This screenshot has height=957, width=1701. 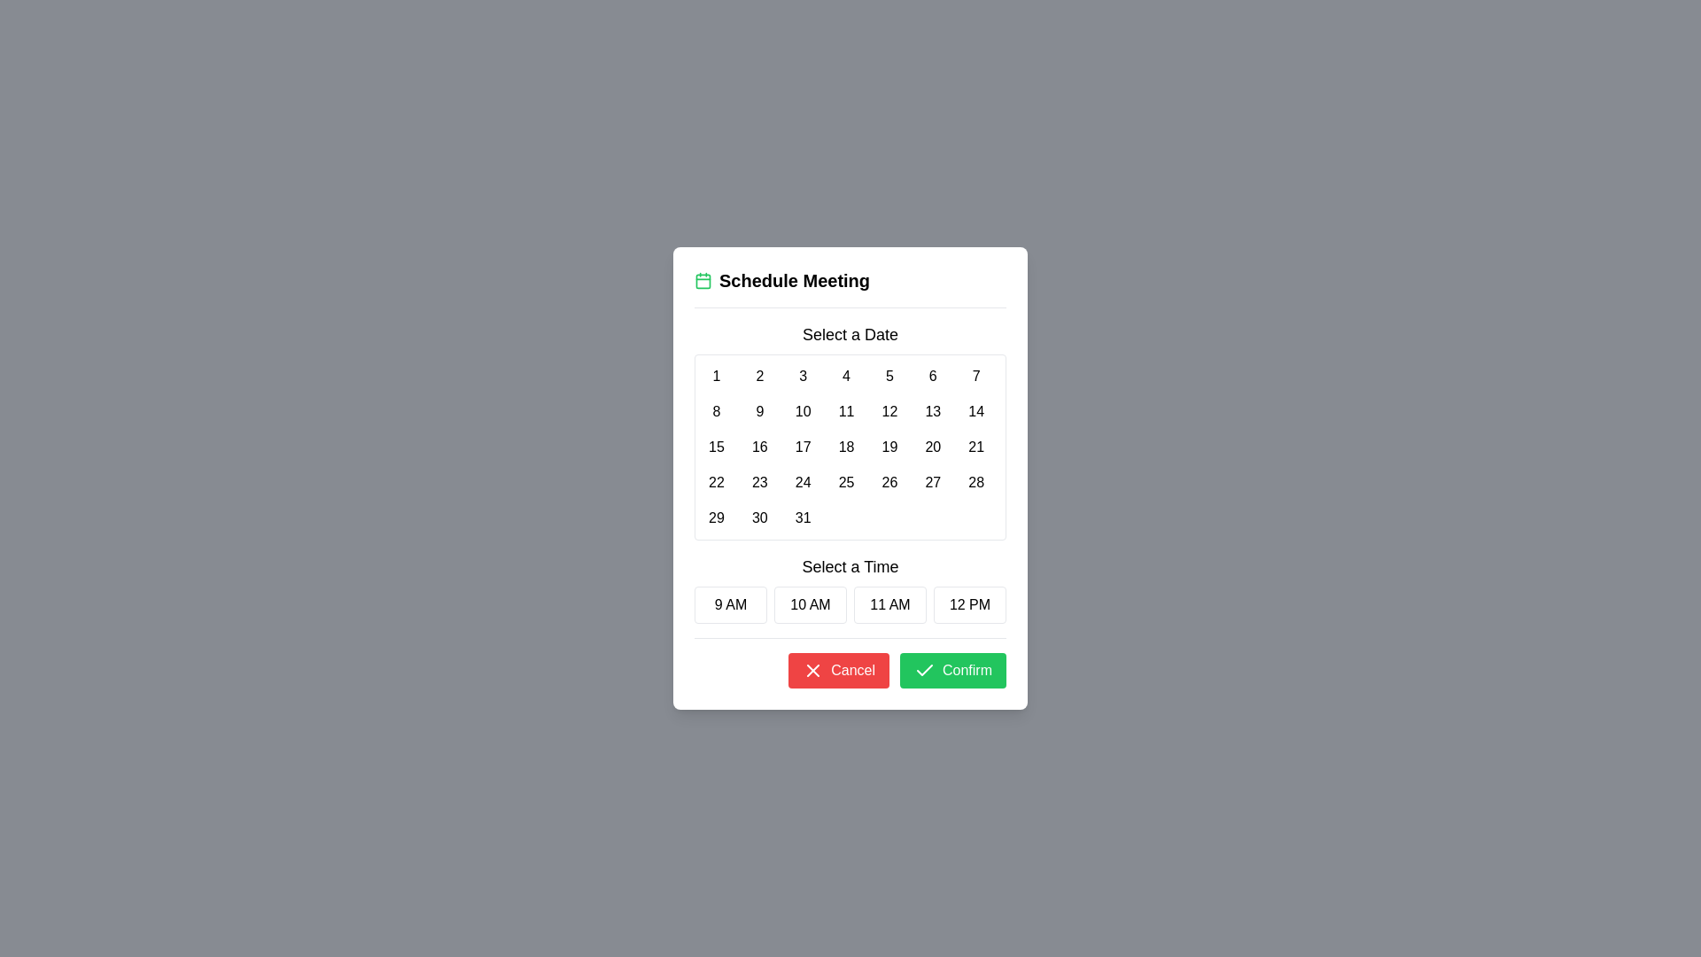 I want to click on the button representing the date '29' in the calendar located in the last row under the column of '22', so click(x=717, y=518).